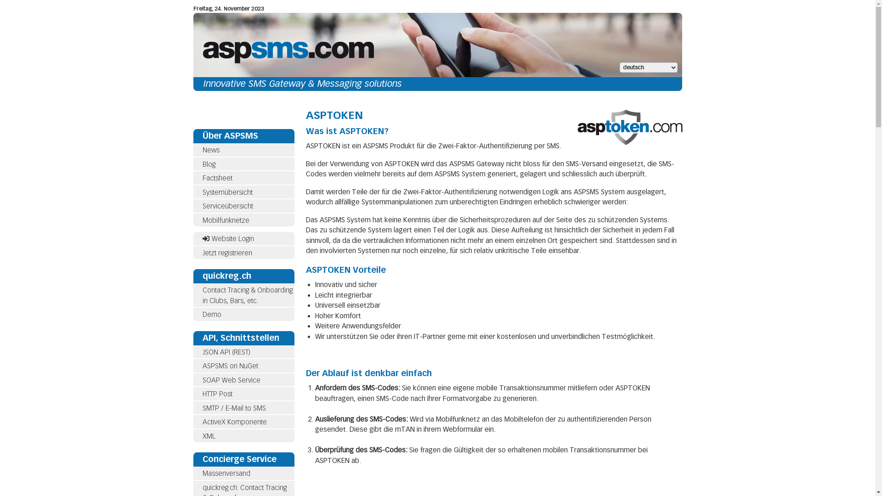 The width and height of the screenshot is (882, 496). Describe the element at coordinates (243, 394) in the screenshot. I see `'HTTP Post'` at that location.